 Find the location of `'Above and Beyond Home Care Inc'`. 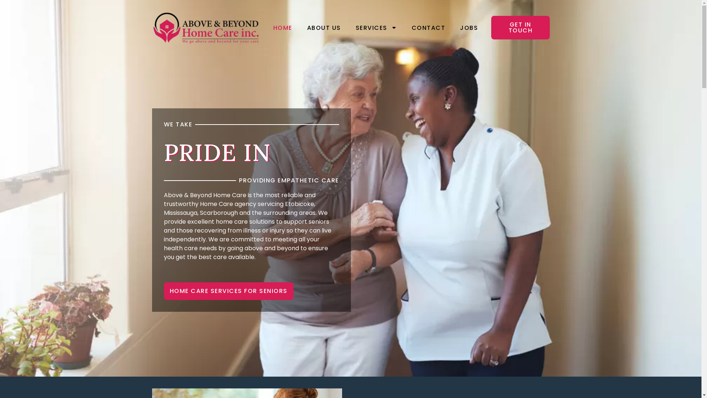

'Above and Beyond Home Care Inc' is located at coordinates (205, 27).